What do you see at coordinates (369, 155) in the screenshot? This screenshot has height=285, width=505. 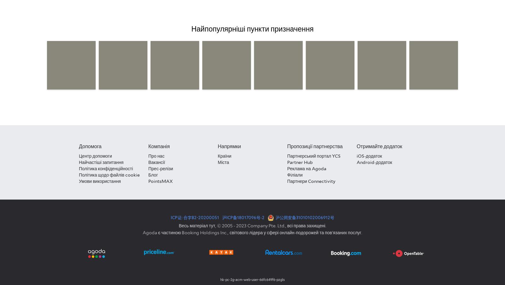 I see `'iOS-додаток'` at bounding box center [369, 155].